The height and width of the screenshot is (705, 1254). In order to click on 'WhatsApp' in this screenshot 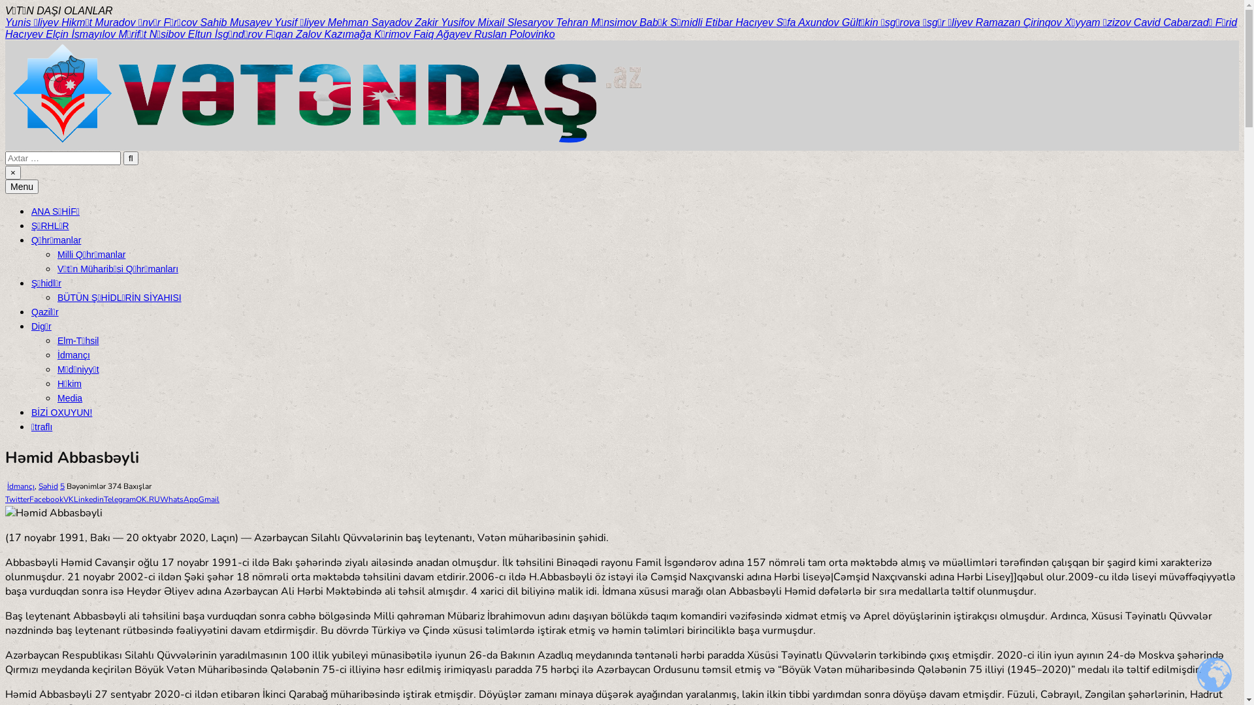, I will do `click(178, 499)`.